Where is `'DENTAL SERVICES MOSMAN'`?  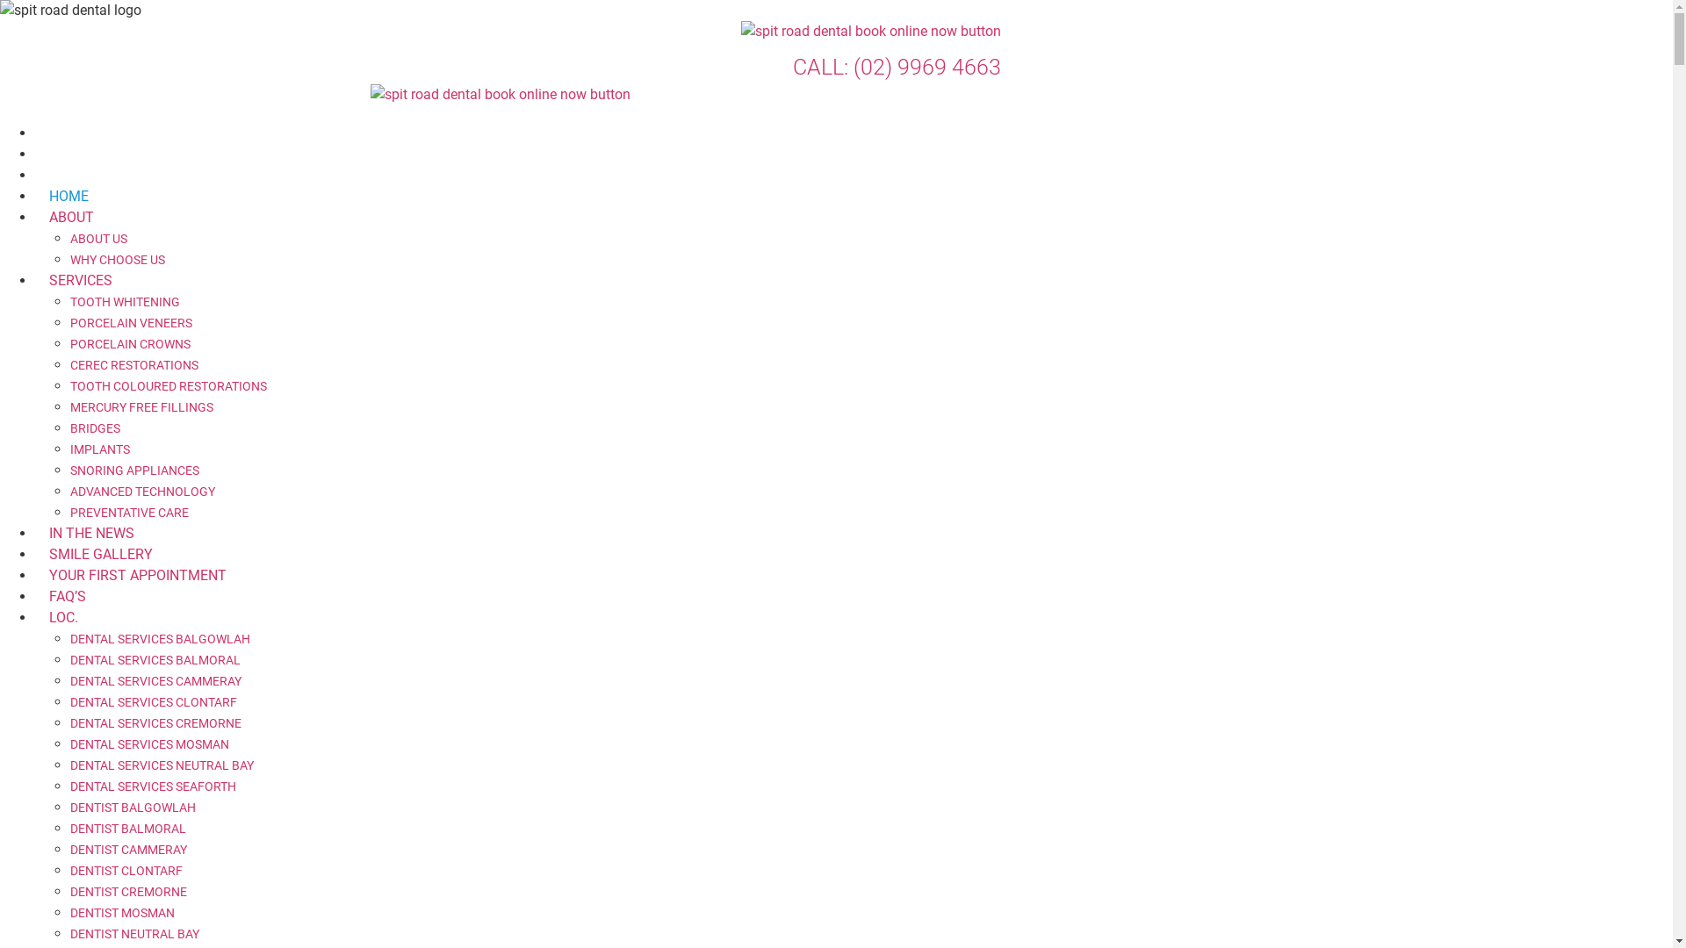 'DENTAL SERVICES MOSMAN' is located at coordinates (149, 744).